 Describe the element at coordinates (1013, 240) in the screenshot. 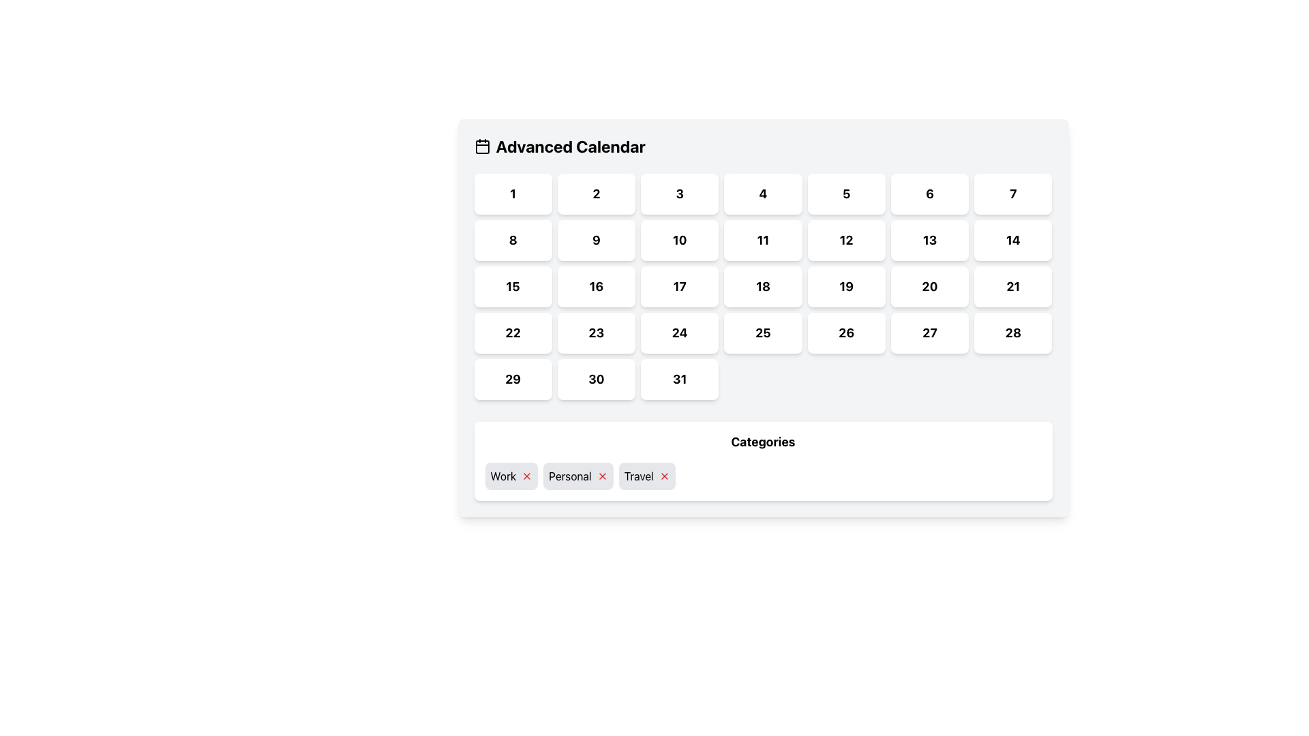

I see `the button displaying the number '14'` at that location.